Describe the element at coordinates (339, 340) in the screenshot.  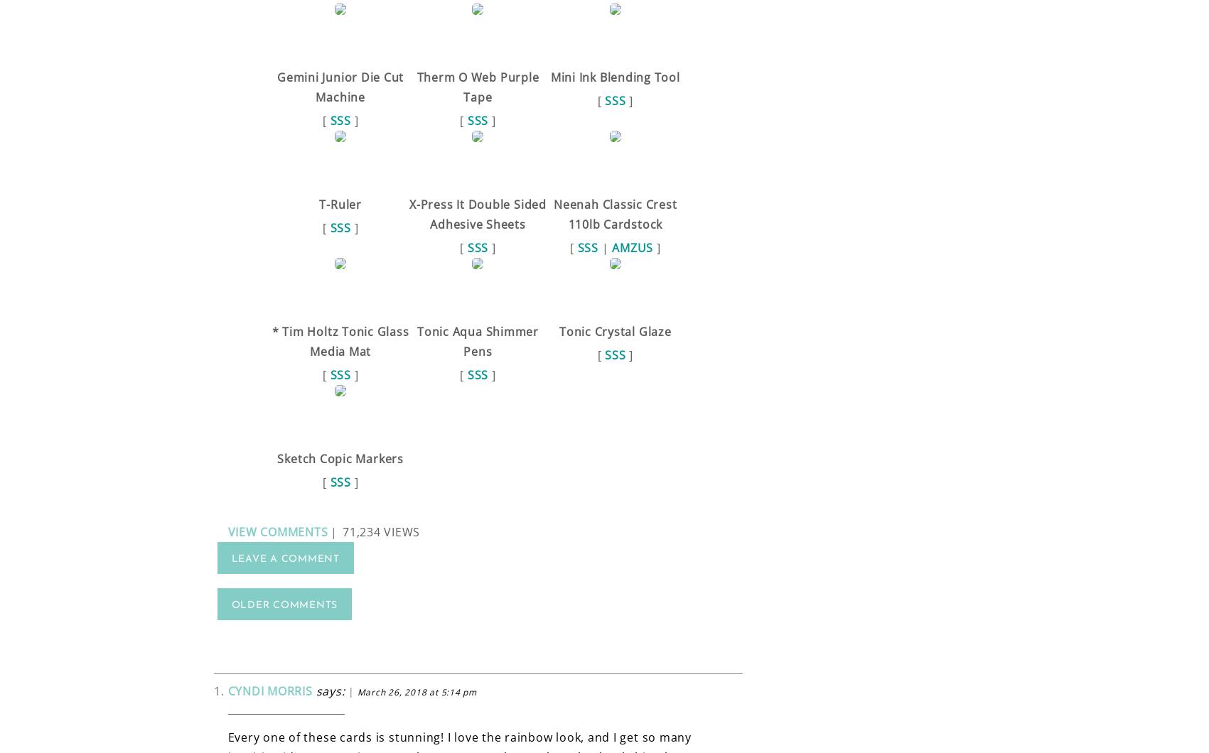
I see `'* Tim Holtz Tonic Glass Media Mat'` at that location.